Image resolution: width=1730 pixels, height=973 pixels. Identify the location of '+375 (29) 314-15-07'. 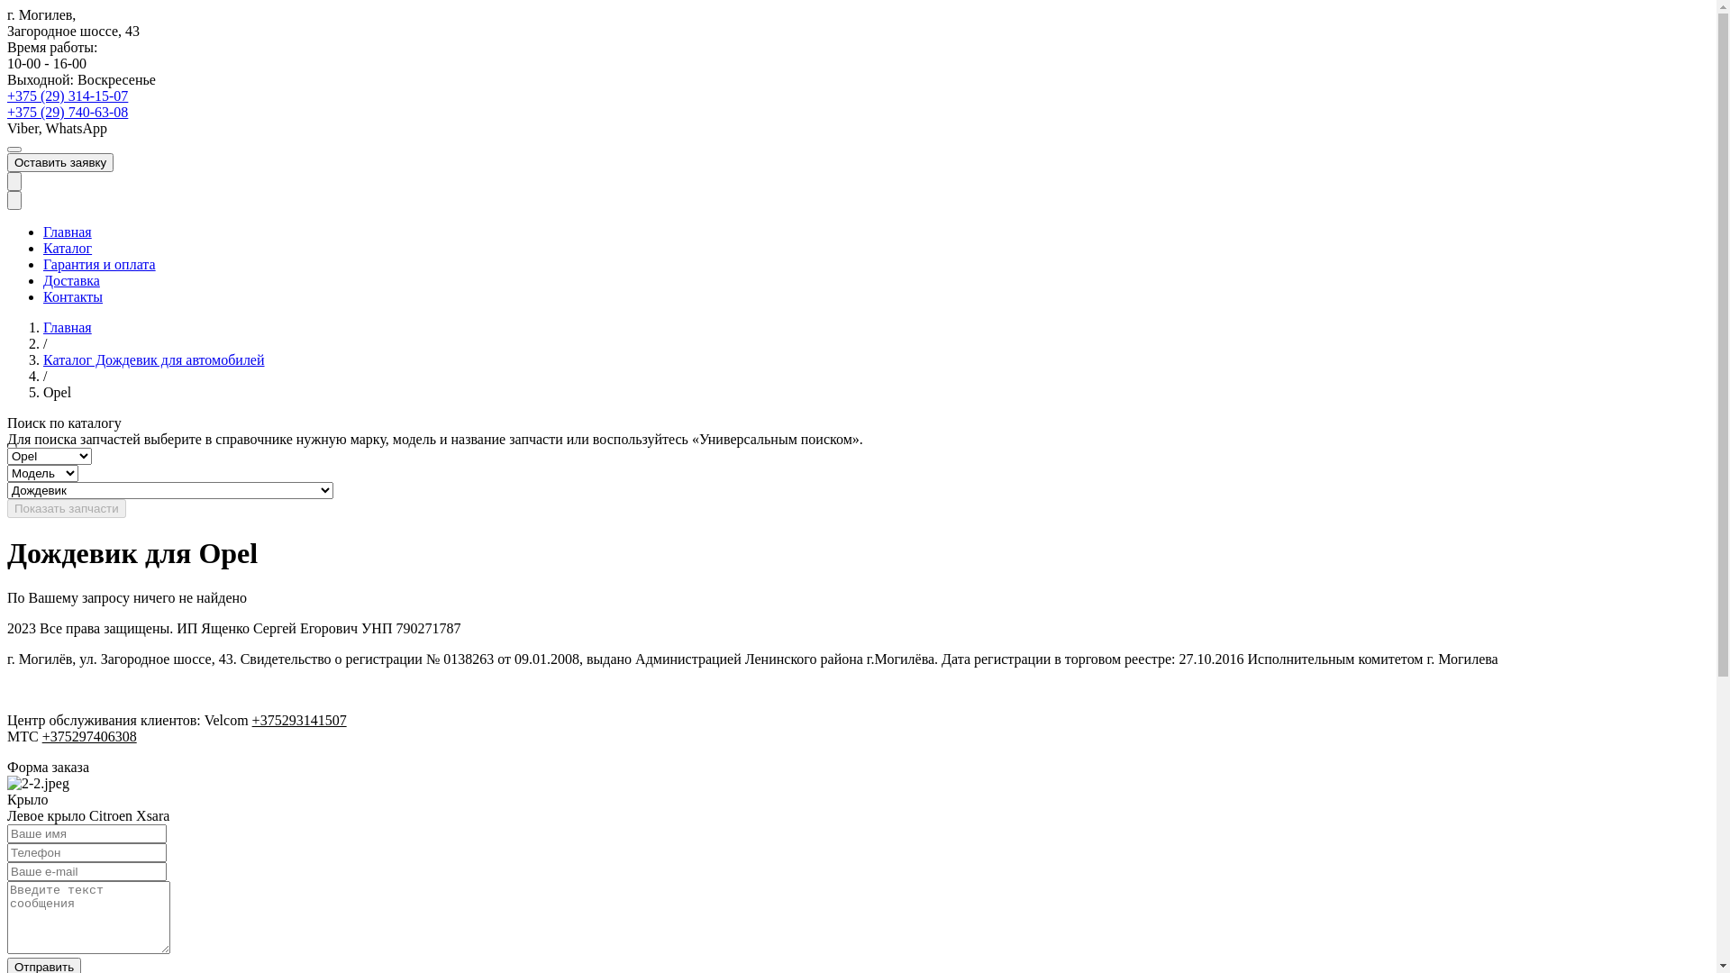
(68, 95).